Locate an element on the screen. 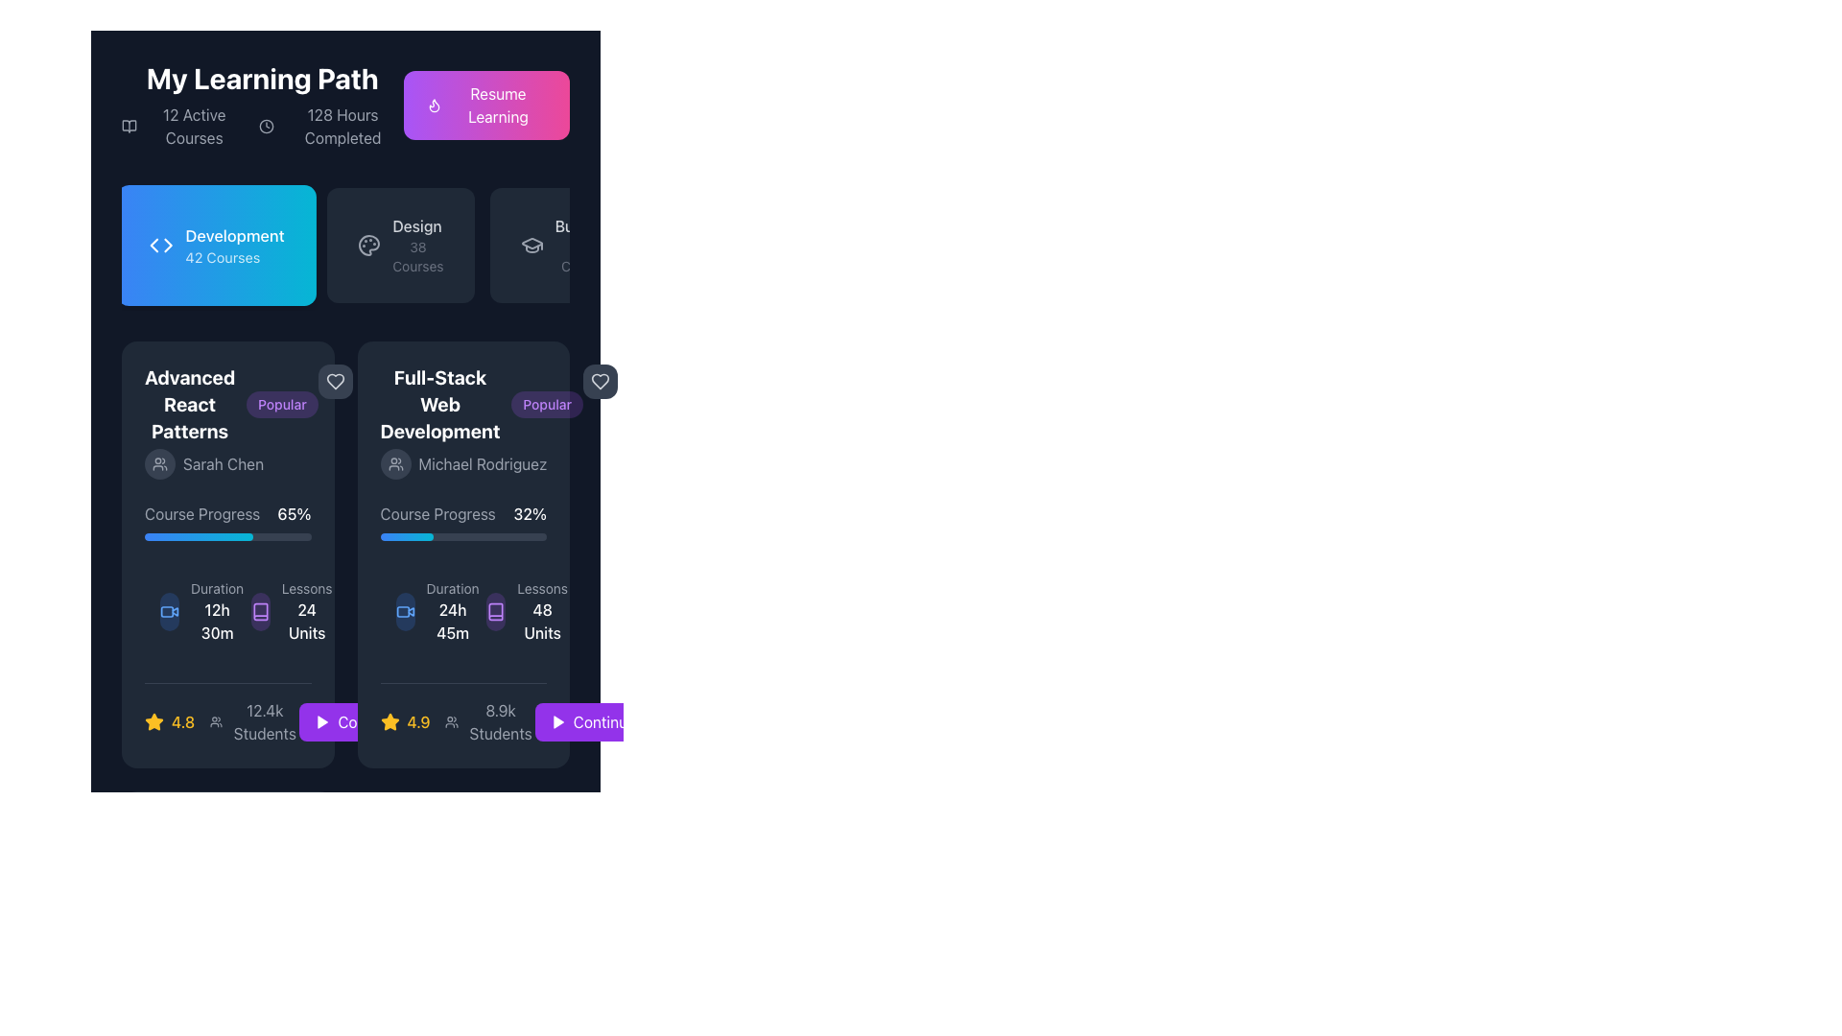  the yellow star-shaped Icon (Rating) located at the bottom-left corner of the 'Full-Stack Web Development' course card, which precedes the course rating text '4.9' is located at coordinates (389, 721).